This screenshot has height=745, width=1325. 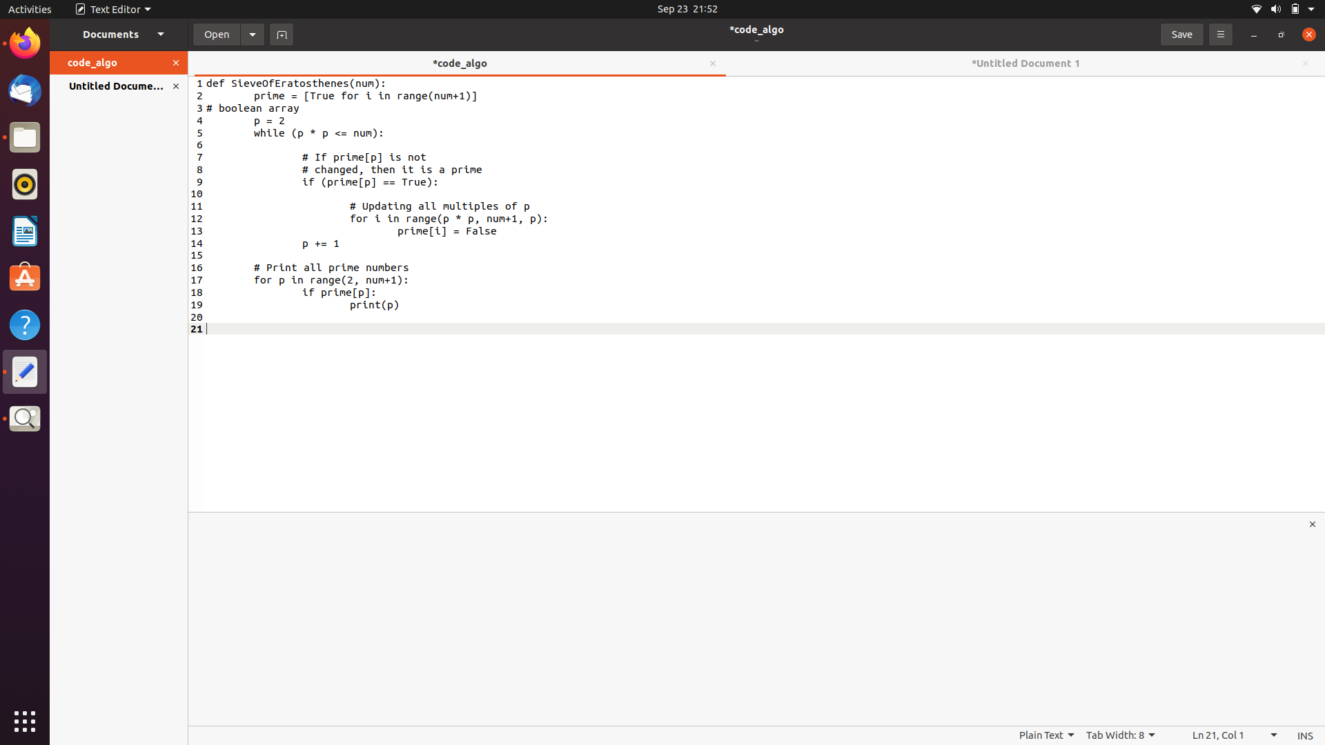 What do you see at coordinates (1304, 63) in the screenshot?
I see `Terminate the tab of unlabelled document via the tab bar` at bounding box center [1304, 63].